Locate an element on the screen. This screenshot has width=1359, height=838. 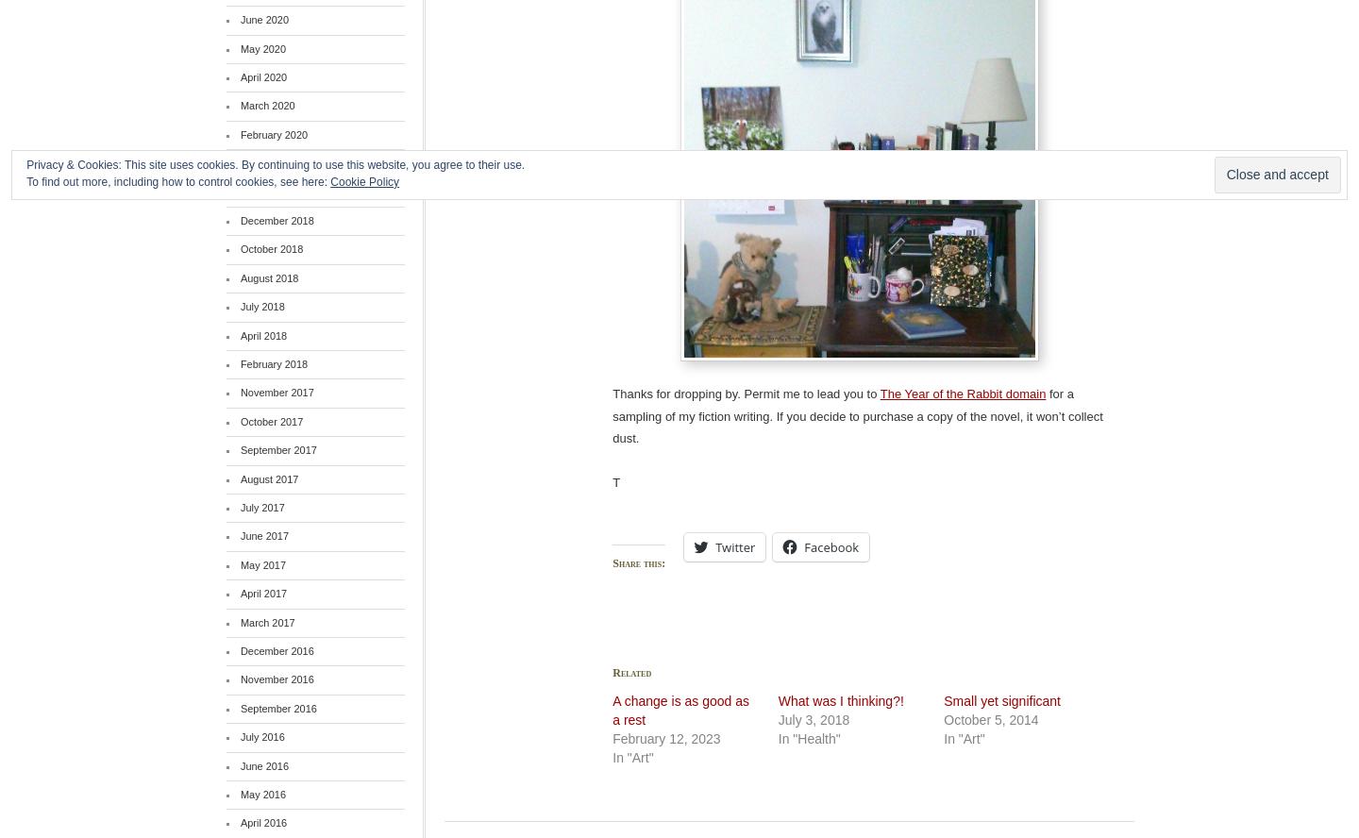
'May 2017' is located at coordinates (261, 563).